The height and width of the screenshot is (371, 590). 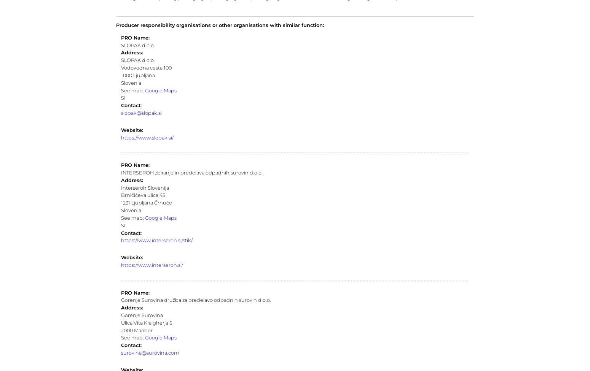 What do you see at coordinates (195, 300) in the screenshot?
I see `'Gorenje Surovina družba za predelavo odpadnih surovin d.o.o.'` at bounding box center [195, 300].